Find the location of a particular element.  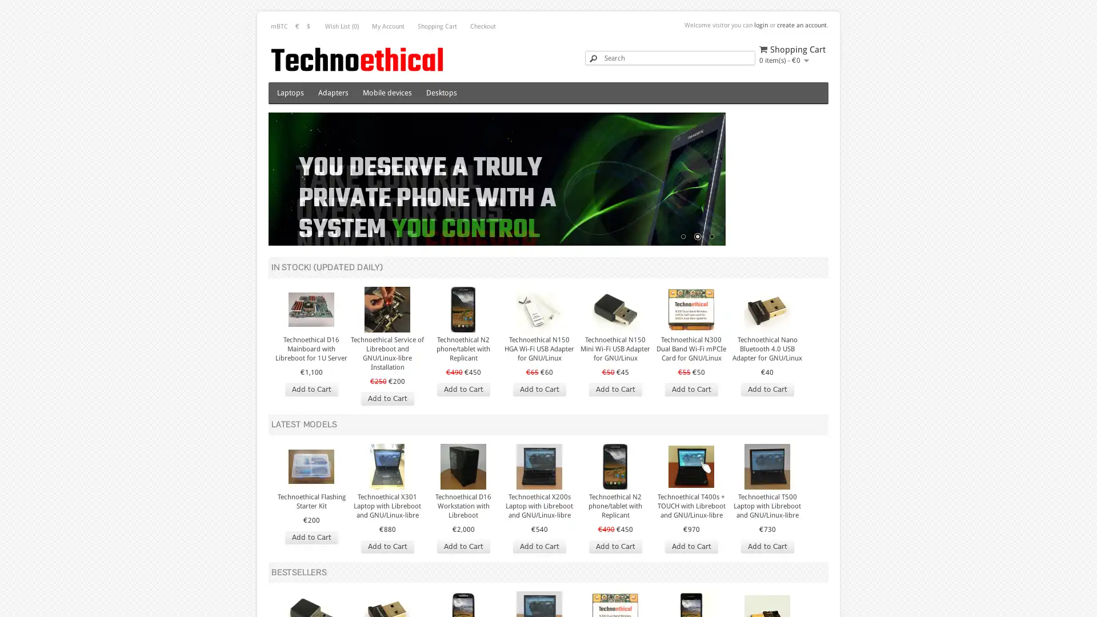

Add to Cart is located at coordinates (538, 584).